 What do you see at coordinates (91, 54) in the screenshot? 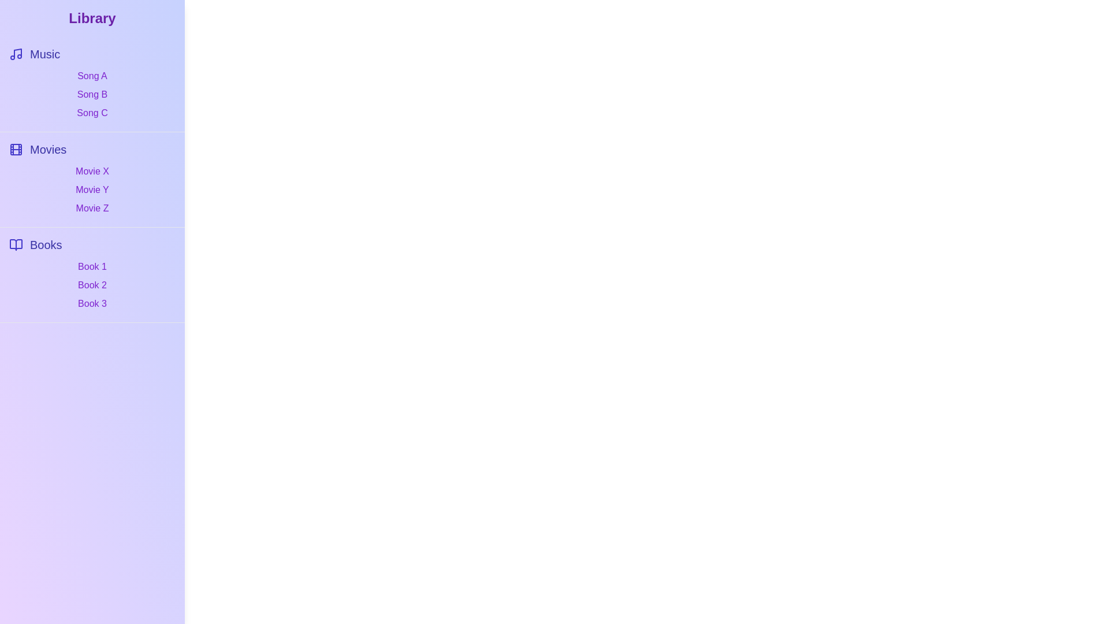
I see `the category Music to select it` at bounding box center [91, 54].